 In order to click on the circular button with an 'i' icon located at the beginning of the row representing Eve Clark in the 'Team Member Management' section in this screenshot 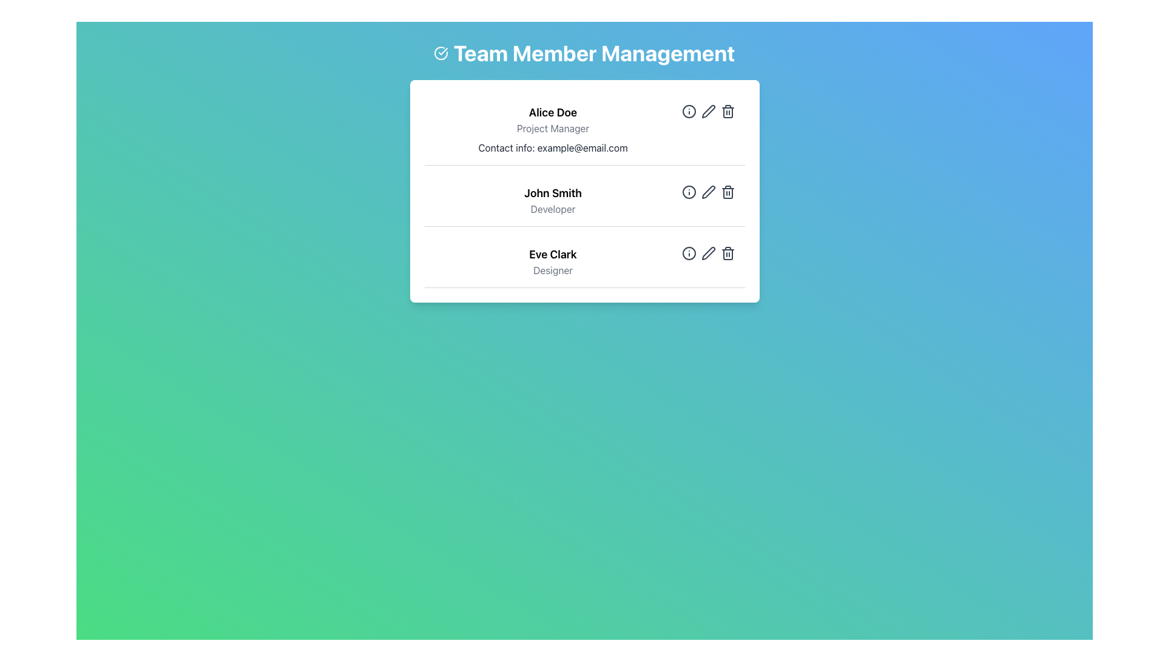, I will do `click(689, 252)`.